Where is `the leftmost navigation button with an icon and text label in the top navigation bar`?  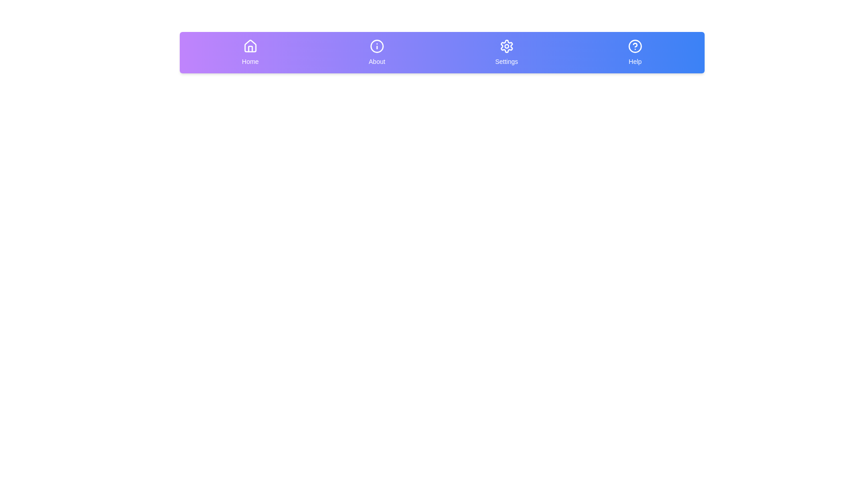
the leftmost navigation button with an icon and text label in the top navigation bar is located at coordinates (250, 52).